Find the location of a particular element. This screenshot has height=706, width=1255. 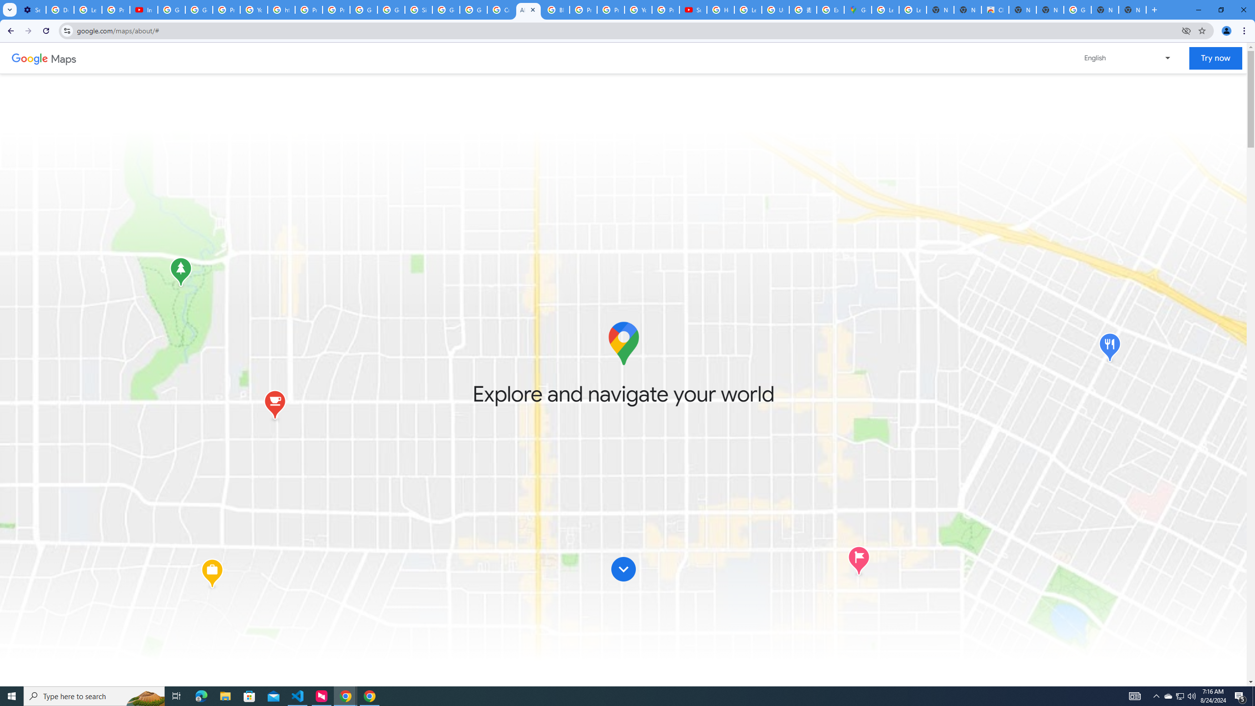

'Sign in - Google Accounts' is located at coordinates (418, 9).